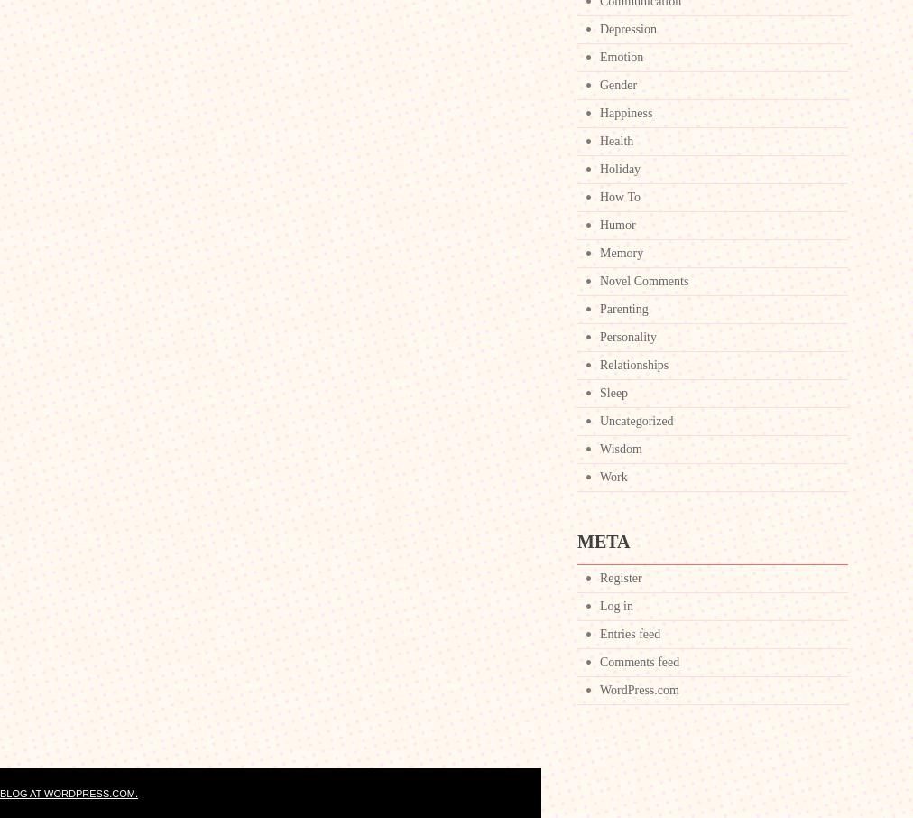 This screenshot has height=818, width=913. Describe the element at coordinates (643, 280) in the screenshot. I see `'Novel Comments'` at that location.